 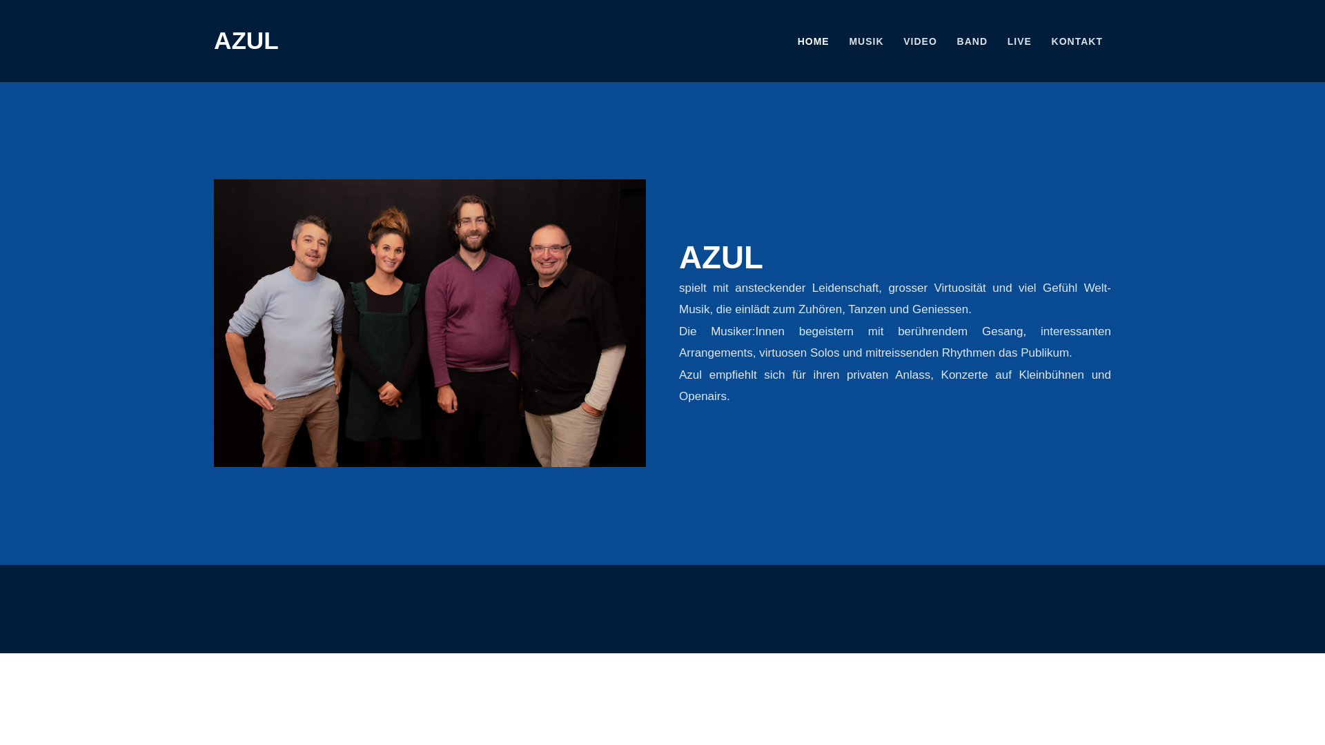 I want to click on 'VIDEO', so click(x=920, y=41).